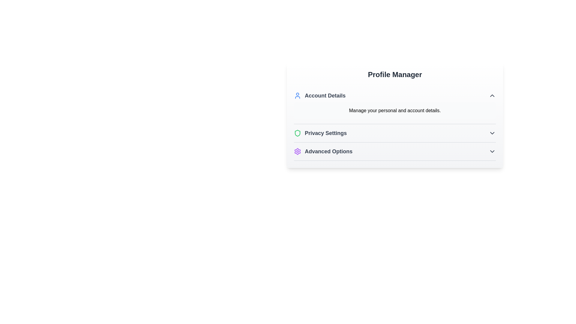 This screenshot has height=324, width=576. What do you see at coordinates (328, 151) in the screenshot?
I see `the text label that displays 'Advanced Options', located under 'Privacy Settings' in the 'Profile Manager' section` at bounding box center [328, 151].